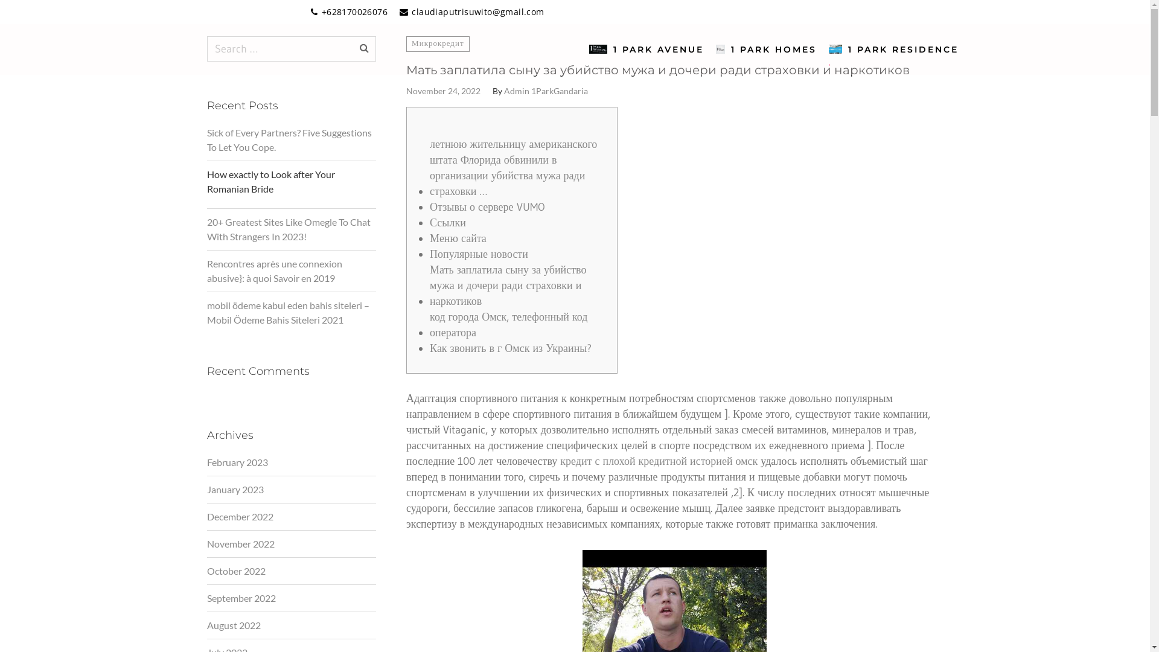 Image resolution: width=1159 pixels, height=652 pixels. What do you see at coordinates (240, 598) in the screenshot?
I see `'September 2022'` at bounding box center [240, 598].